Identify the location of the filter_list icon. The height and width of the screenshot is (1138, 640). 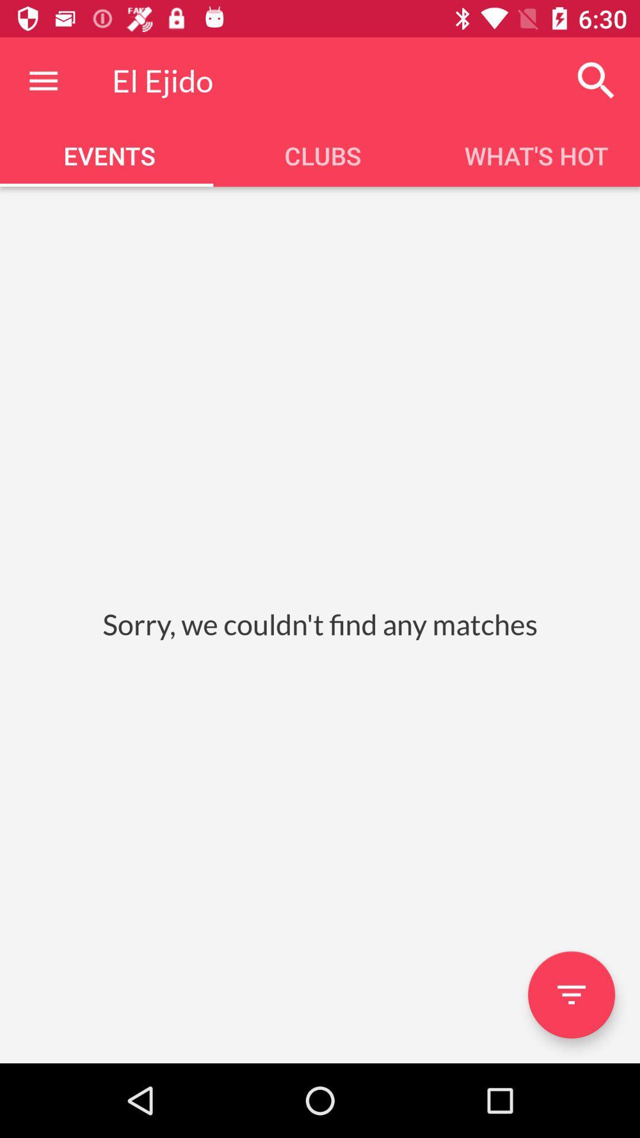
(571, 995).